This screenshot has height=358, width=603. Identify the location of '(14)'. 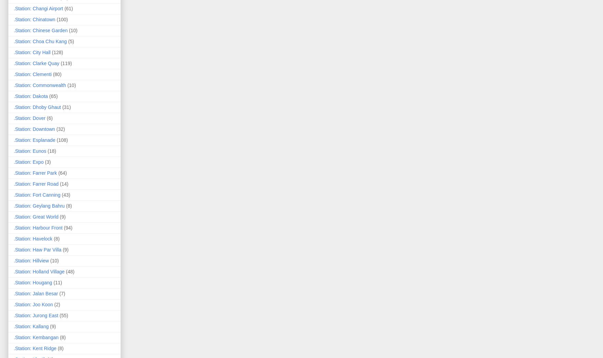
(63, 183).